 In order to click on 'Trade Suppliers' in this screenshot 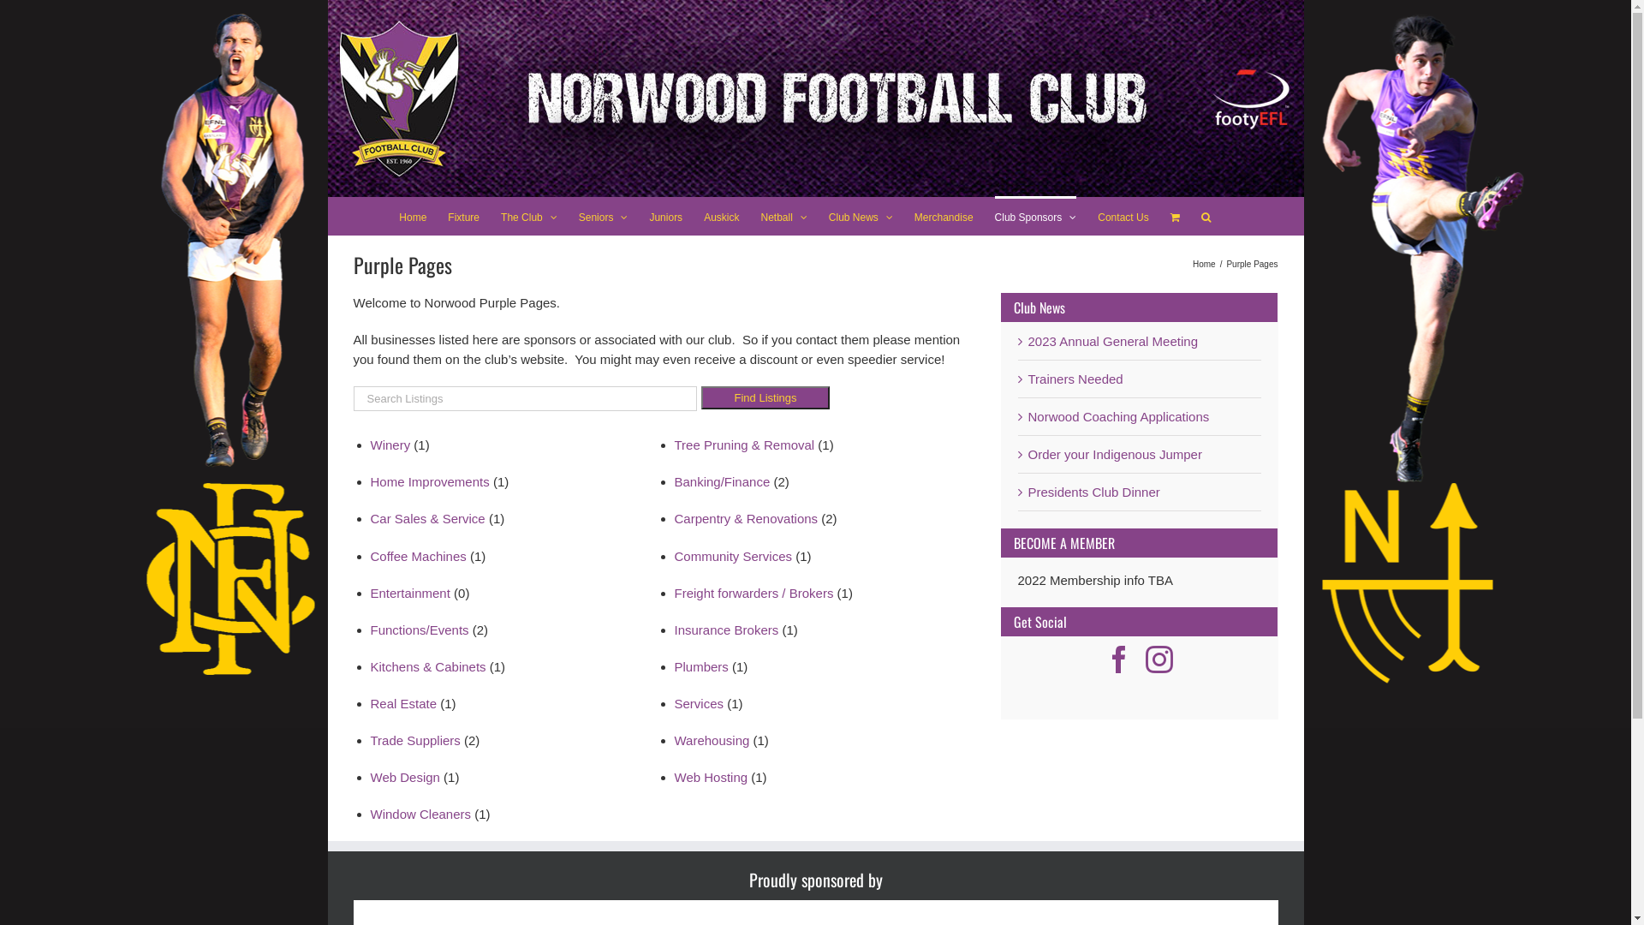, I will do `click(414, 739)`.